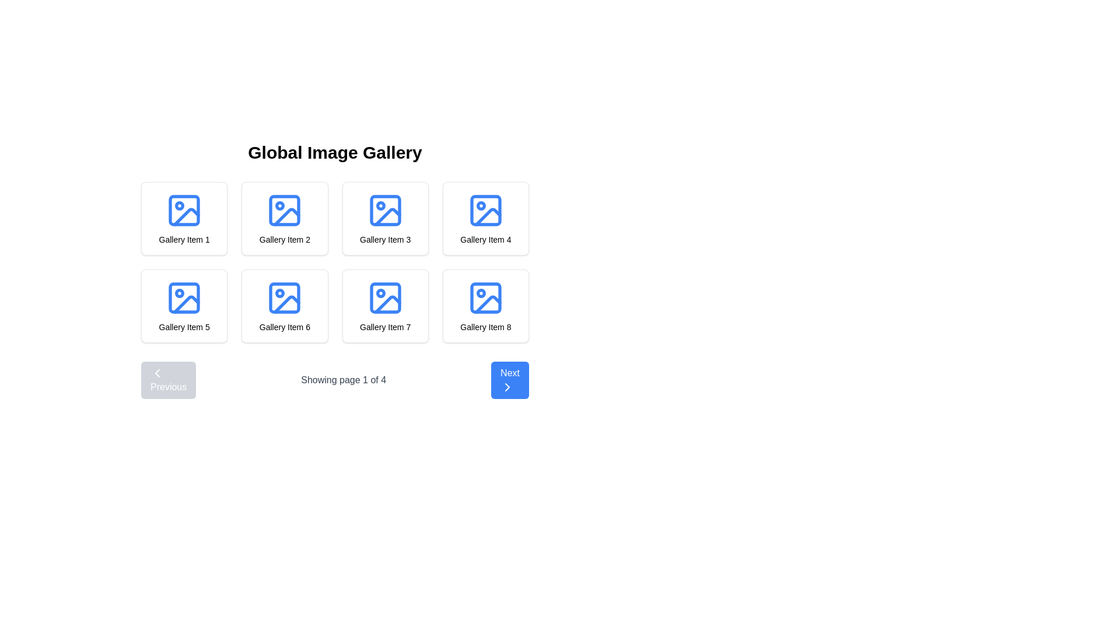 This screenshot has height=630, width=1120. What do you see at coordinates (385, 218) in the screenshot?
I see `the clickable card component representing a gallery item for repositioning in the customizable grid layout` at bounding box center [385, 218].